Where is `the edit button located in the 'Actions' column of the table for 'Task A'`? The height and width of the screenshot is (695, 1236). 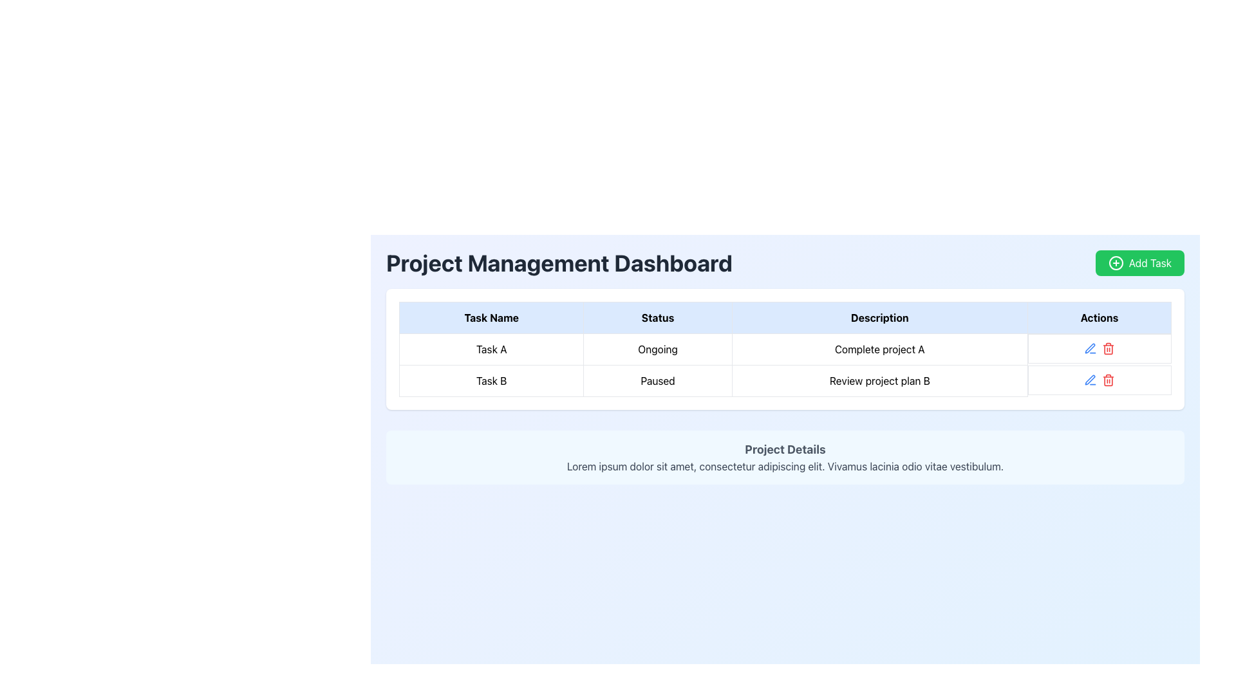 the edit button located in the 'Actions' column of the table for 'Task A' is located at coordinates (1089, 379).